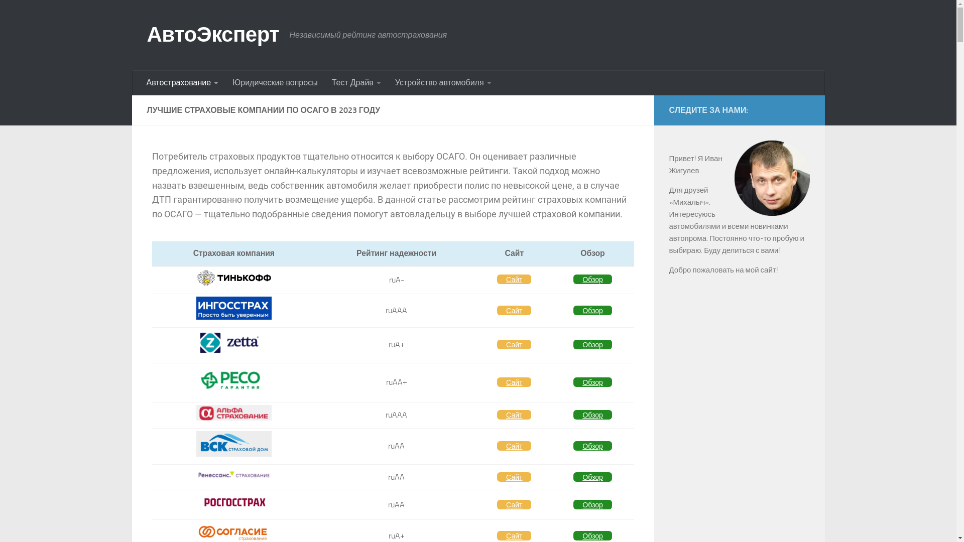  What do you see at coordinates (40, 14) in the screenshot?
I see `'Skip to content'` at bounding box center [40, 14].